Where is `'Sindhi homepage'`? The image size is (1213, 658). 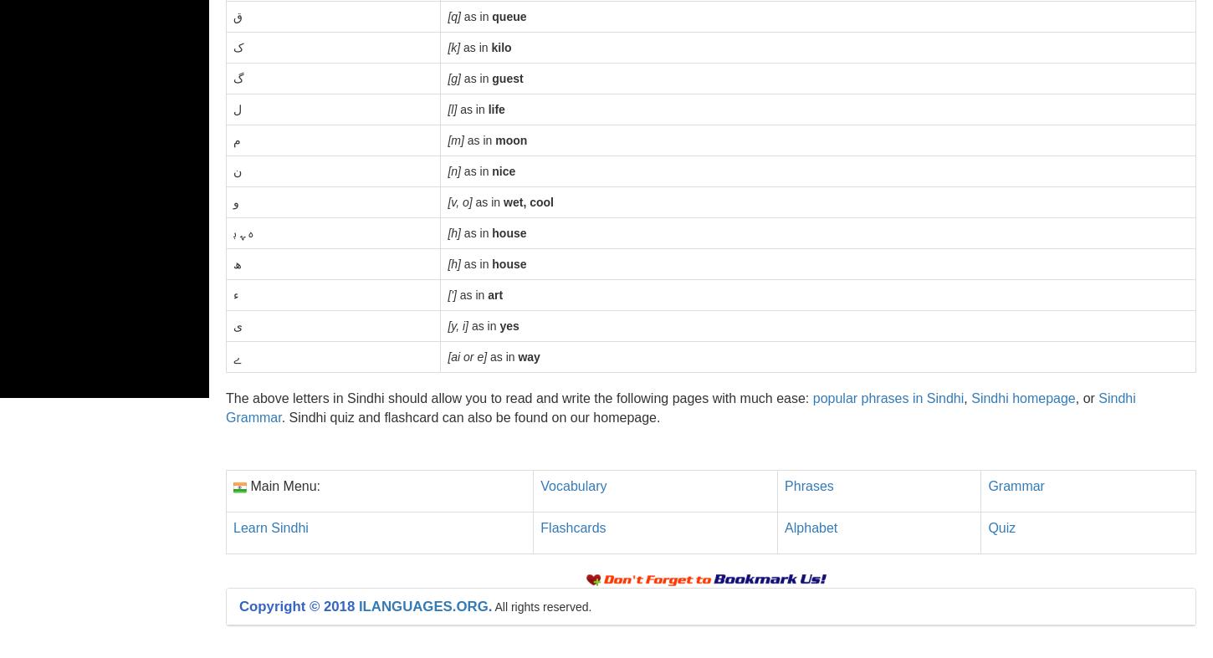 'Sindhi homepage' is located at coordinates (1022, 398).